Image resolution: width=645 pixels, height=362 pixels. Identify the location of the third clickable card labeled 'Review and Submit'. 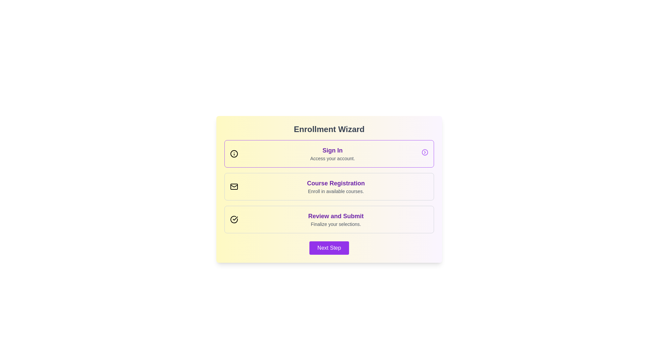
(329, 220).